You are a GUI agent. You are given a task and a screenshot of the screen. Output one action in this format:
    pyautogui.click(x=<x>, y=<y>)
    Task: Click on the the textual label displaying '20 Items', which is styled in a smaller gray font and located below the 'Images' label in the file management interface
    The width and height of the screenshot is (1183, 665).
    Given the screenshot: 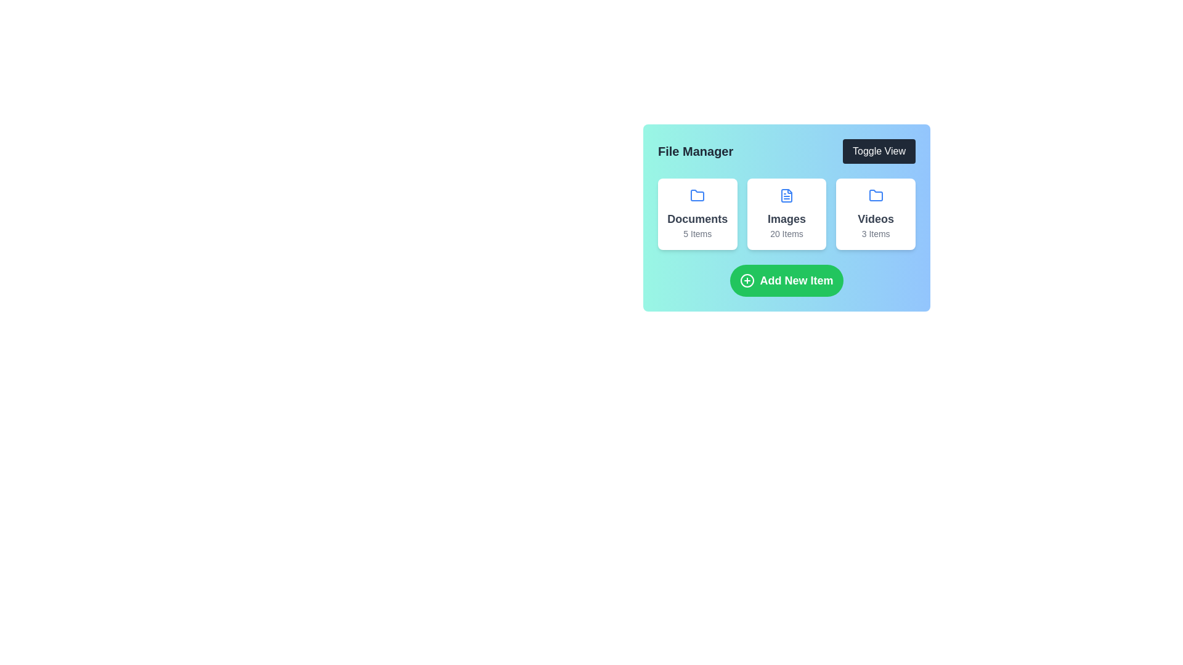 What is the action you would take?
    pyautogui.click(x=786, y=234)
    